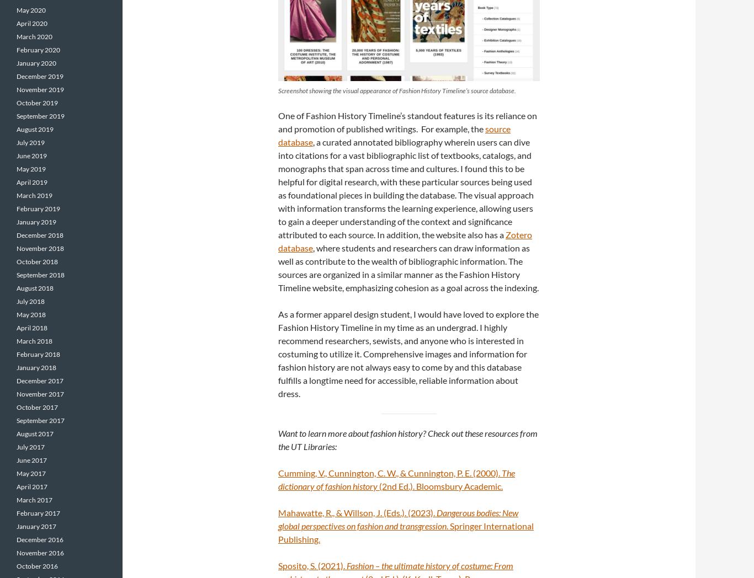 This screenshot has height=578, width=754. I want to click on '. Bloomsbury Academic.', so click(457, 485).